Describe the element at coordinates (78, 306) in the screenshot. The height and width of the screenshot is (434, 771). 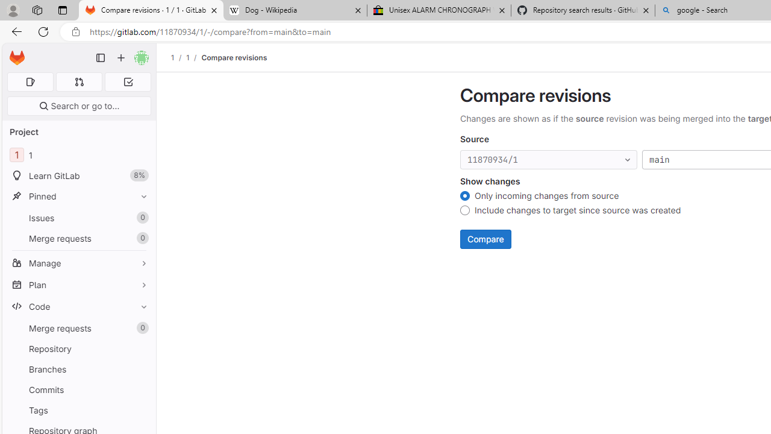
I see `'Code'` at that location.